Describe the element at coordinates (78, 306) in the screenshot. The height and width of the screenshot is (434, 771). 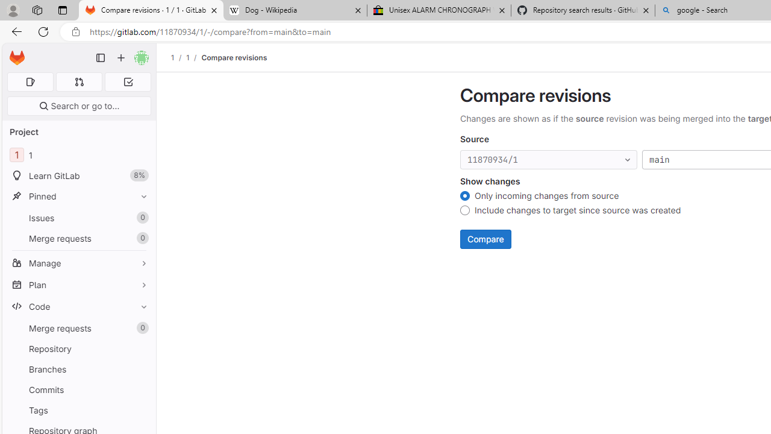
I see `'Code'` at that location.